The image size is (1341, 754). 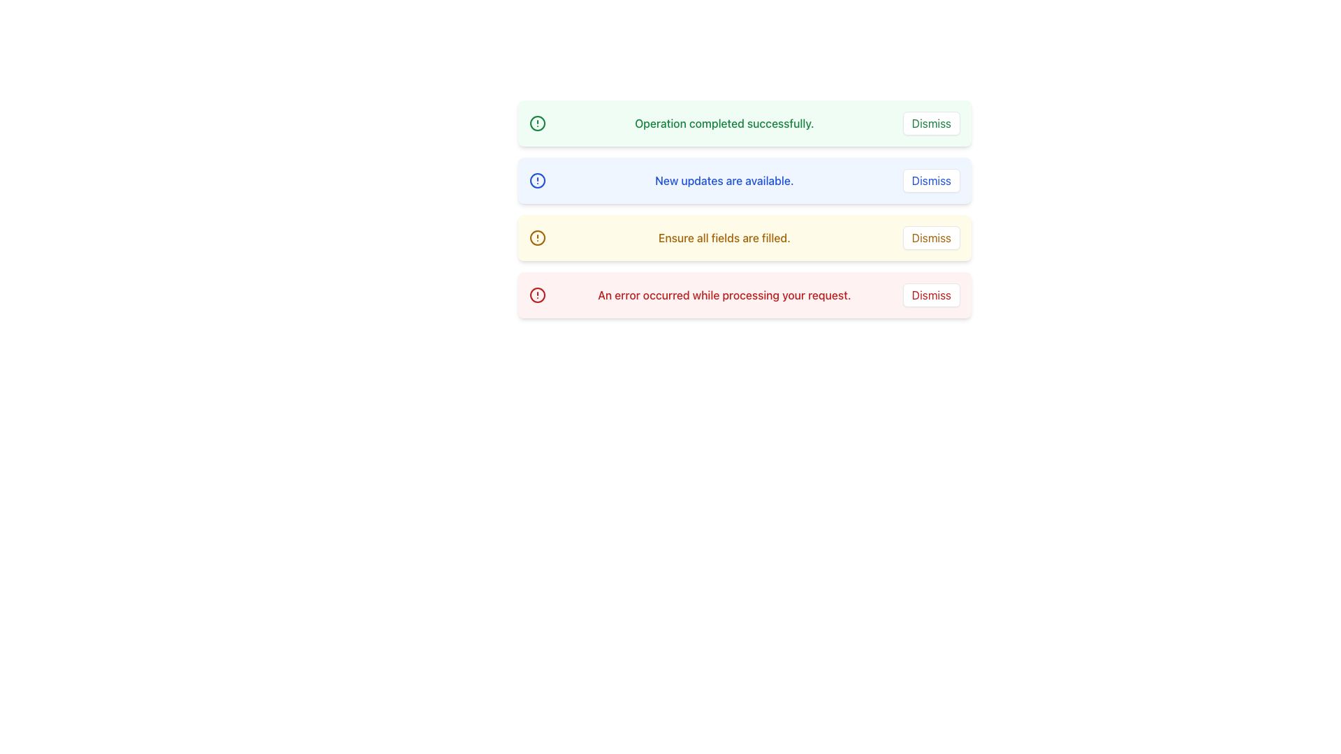 I want to click on the circular base of the alert icon, which signifies an error or warning in the notification at the bottom of the list, so click(x=536, y=295).